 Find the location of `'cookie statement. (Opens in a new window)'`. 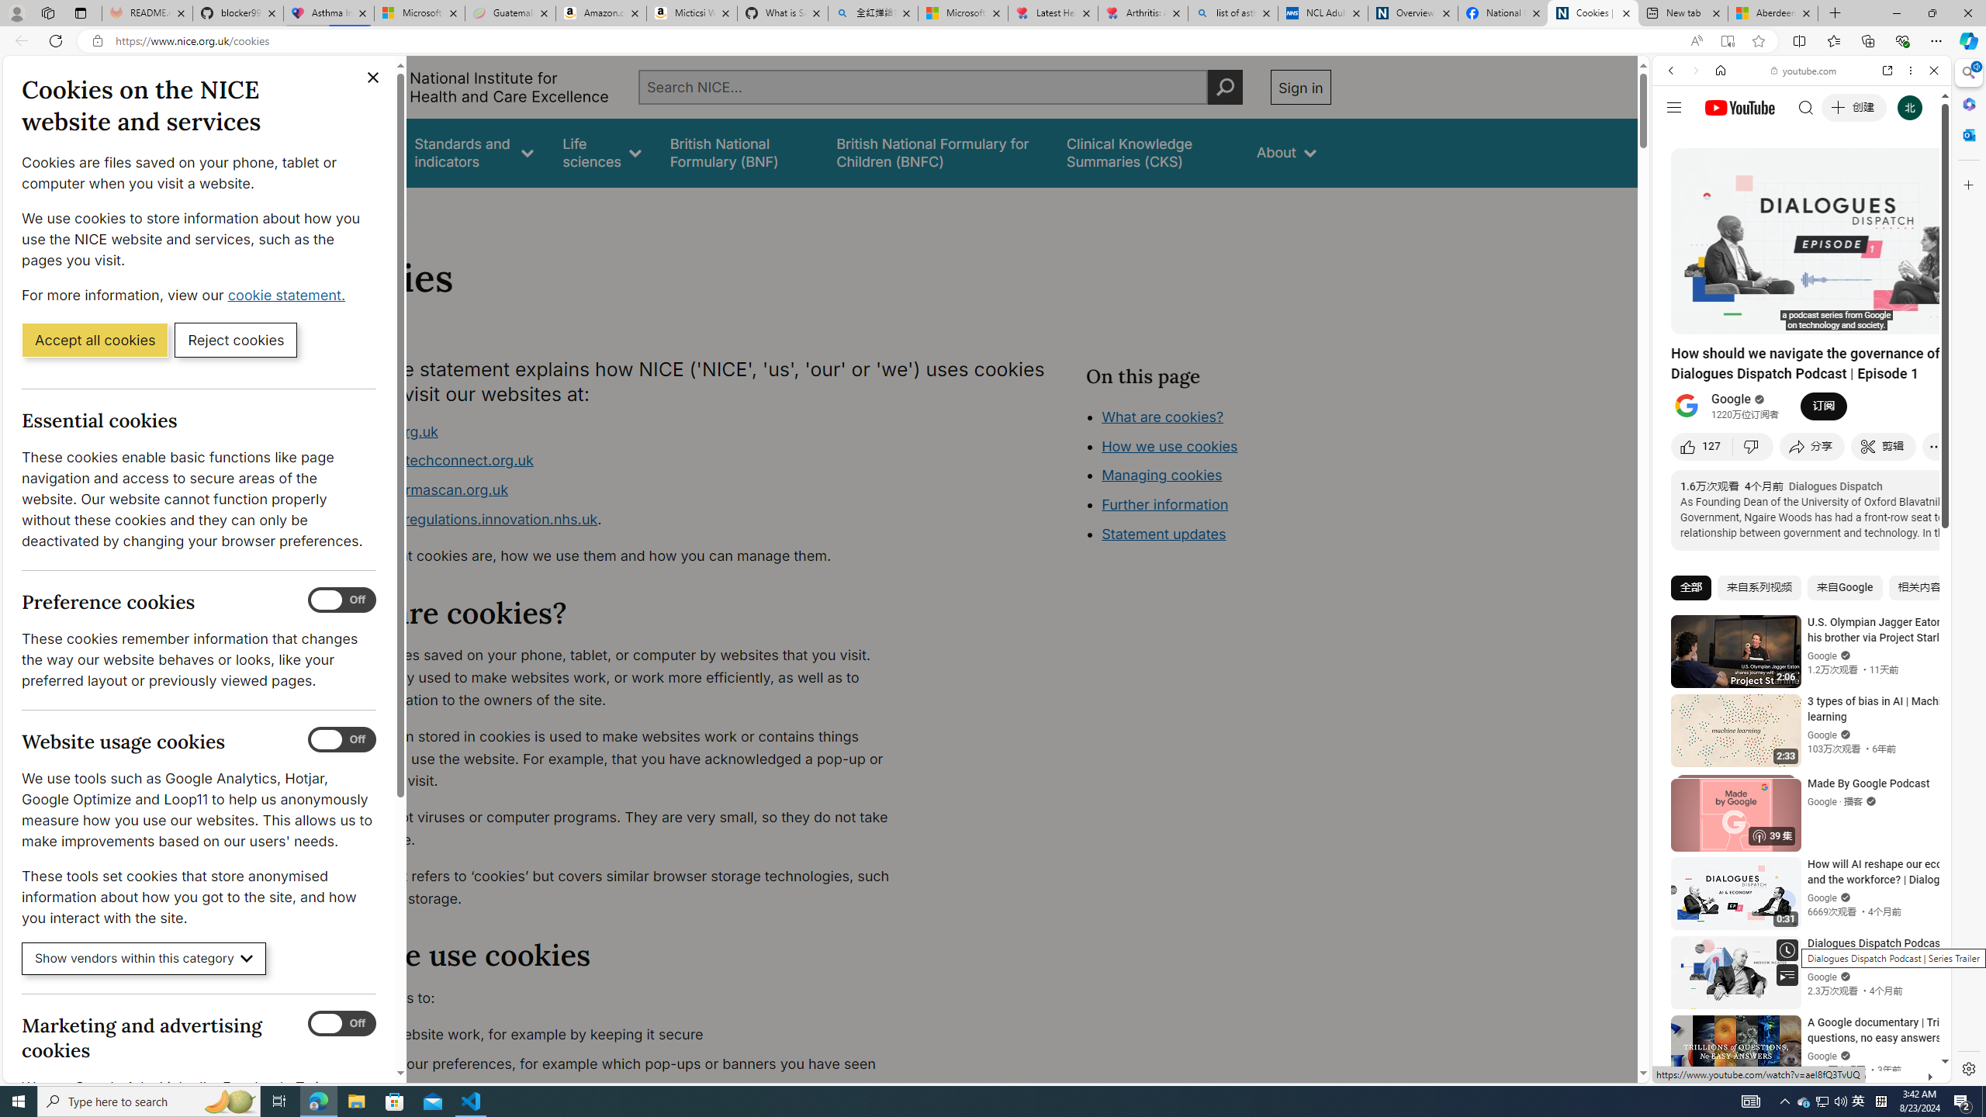

'cookie statement. (Opens in a new window)' is located at coordinates (288, 294).